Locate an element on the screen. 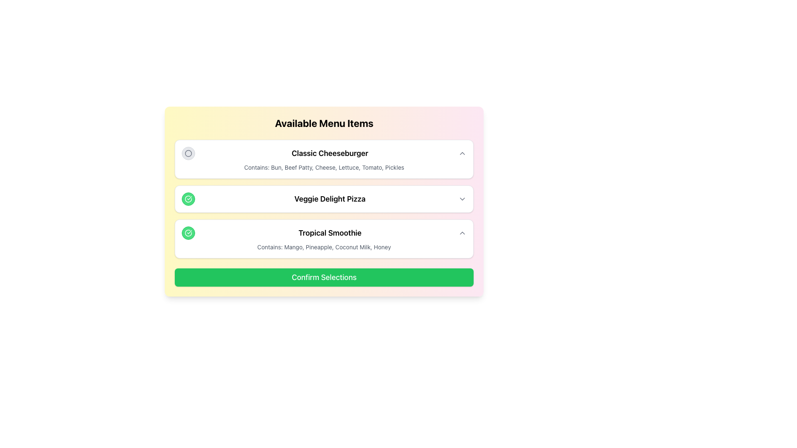 The height and width of the screenshot is (448, 797). the selectable menu option labeled 'Veggie Delight Pizza' is located at coordinates (324, 199).